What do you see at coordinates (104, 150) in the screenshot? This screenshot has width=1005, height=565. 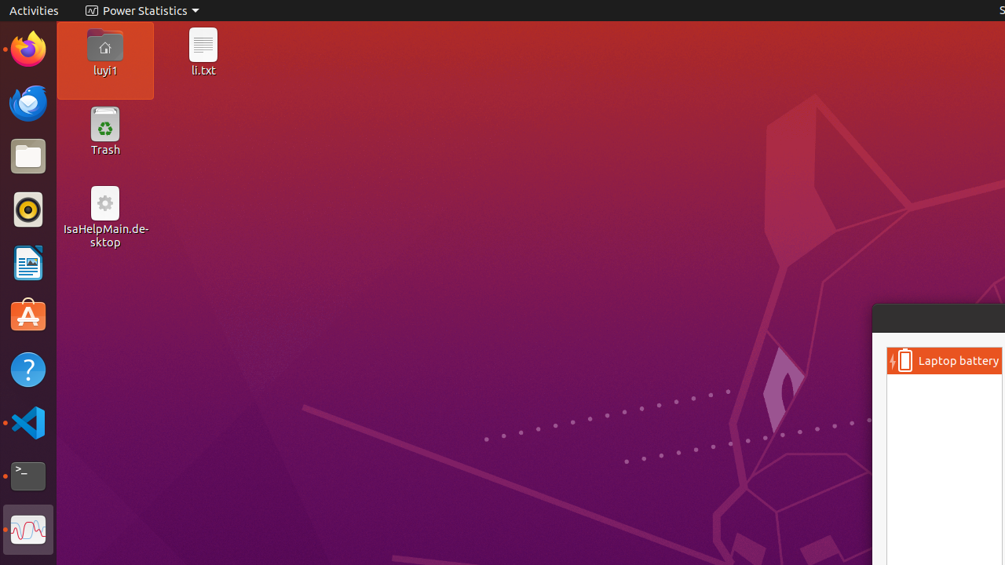 I see `'Trash'` at bounding box center [104, 150].